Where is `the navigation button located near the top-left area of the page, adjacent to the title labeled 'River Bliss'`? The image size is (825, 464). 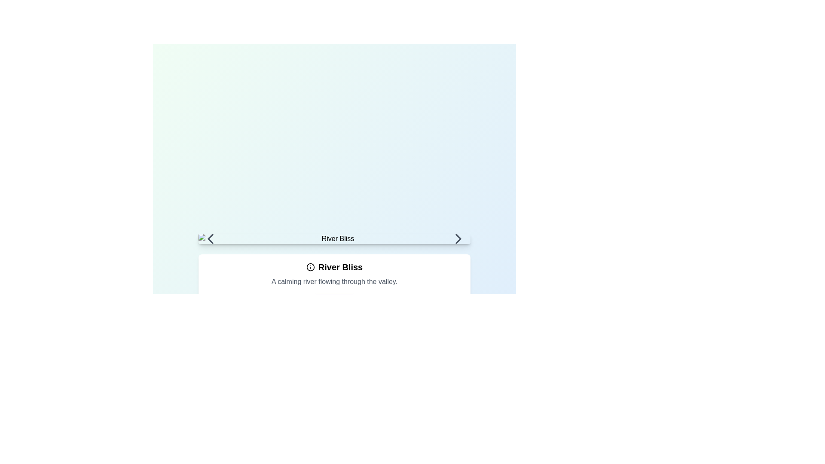 the navigation button located near the top-left area of the page, adjacent to the title labeled 'River Bliss' is located at coordinates (210, 238).